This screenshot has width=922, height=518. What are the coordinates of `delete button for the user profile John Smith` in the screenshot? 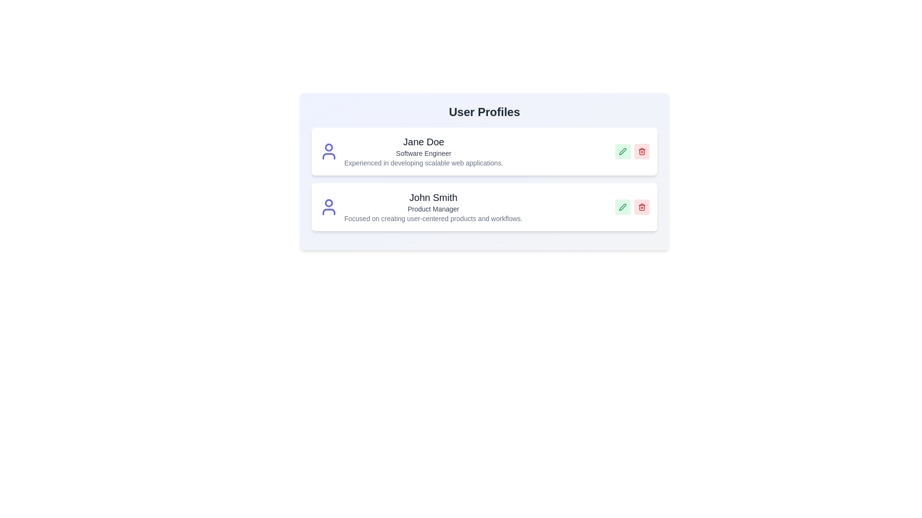 It's located at (642, 207).